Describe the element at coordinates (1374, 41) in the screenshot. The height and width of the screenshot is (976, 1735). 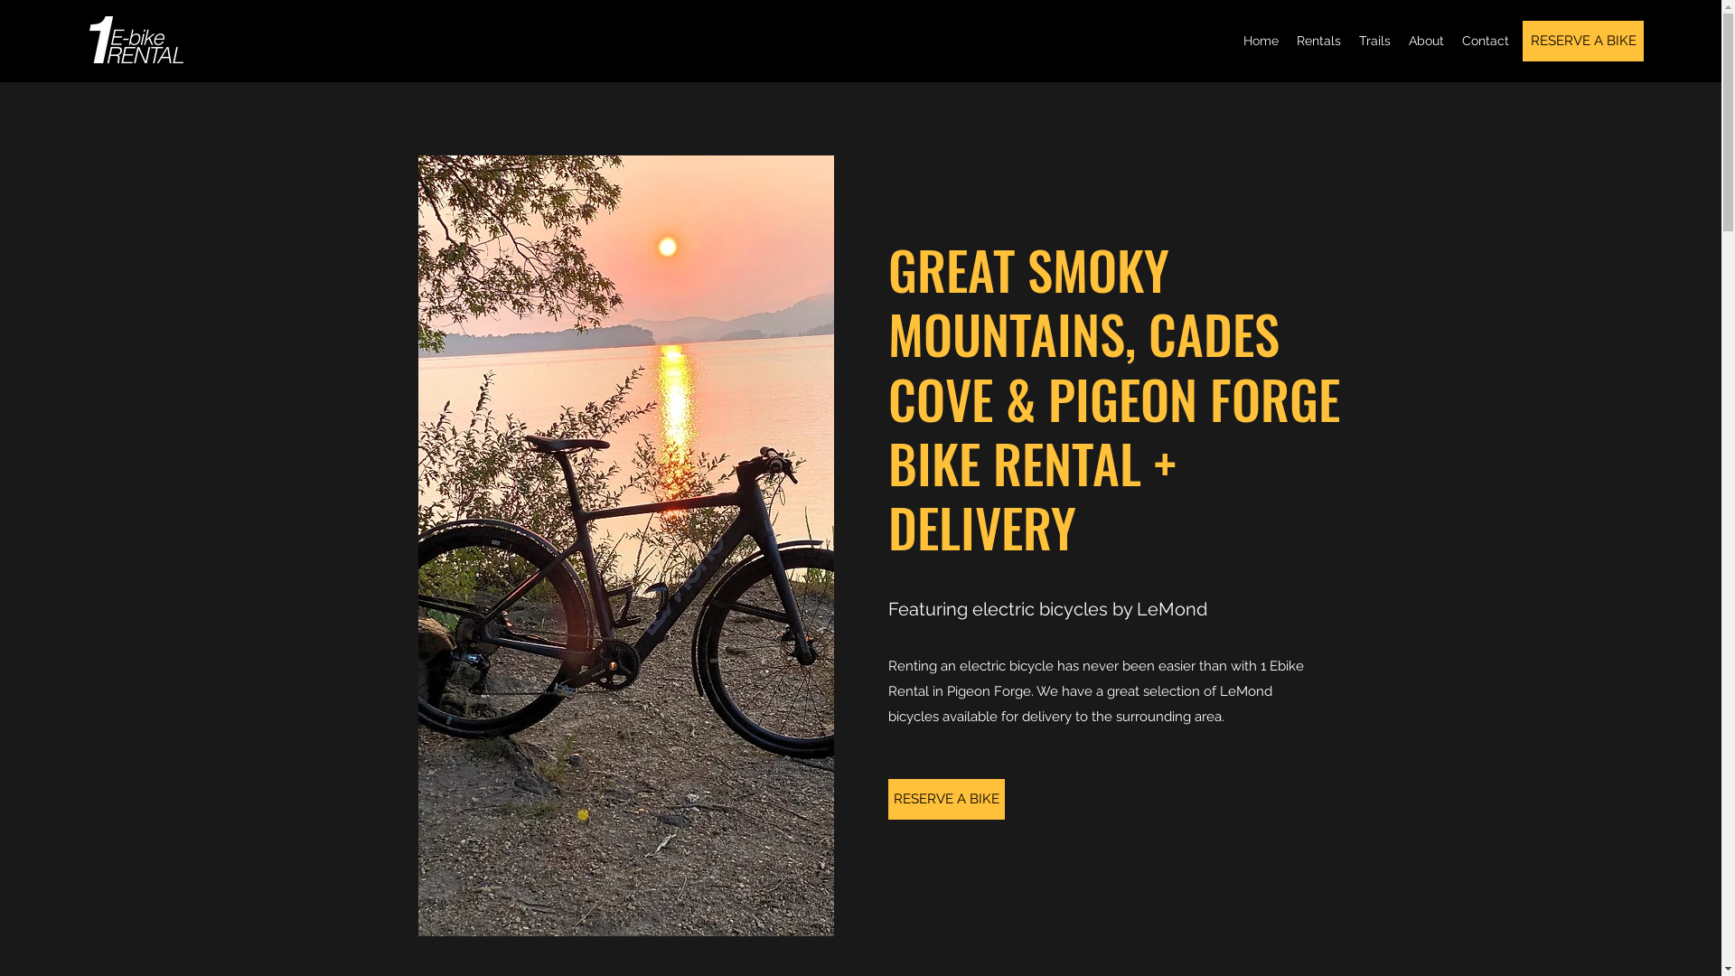
I see `'Trails'` at that location.